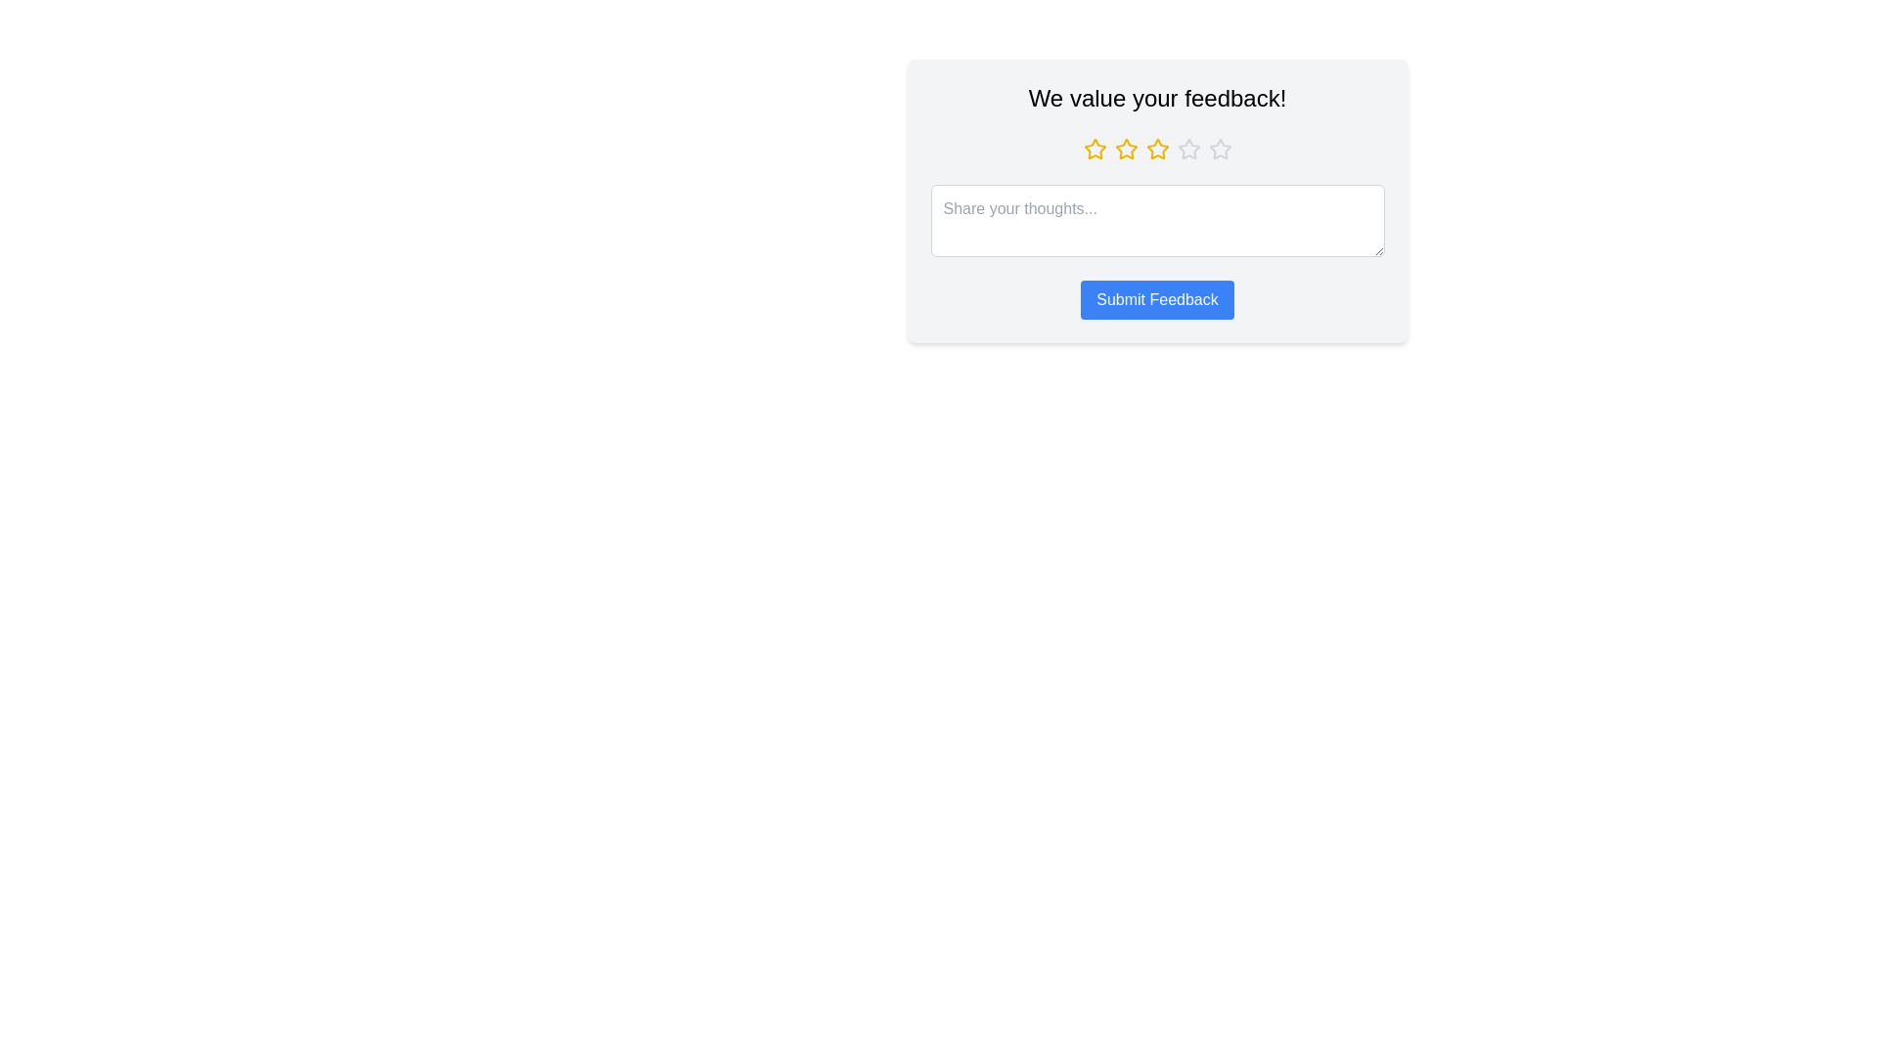 The width and height of the screenshot is (1878, 1056). What do you see at coordinates (1219, 148) in the screenshot?
I see `the far-right star-shaped icon` at bounding box center [1219, 148].